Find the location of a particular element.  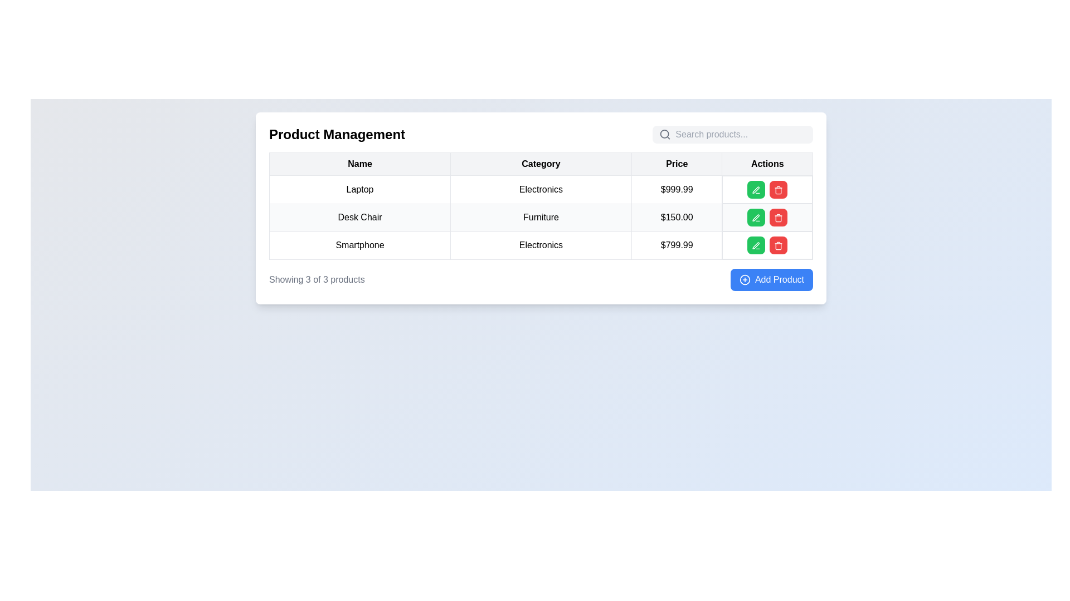

the Table Header Row element, which has a light gray background and contains the headers 'Name', 'Category', 'Price', and 'Actions' is located at coordinates (541, 164).